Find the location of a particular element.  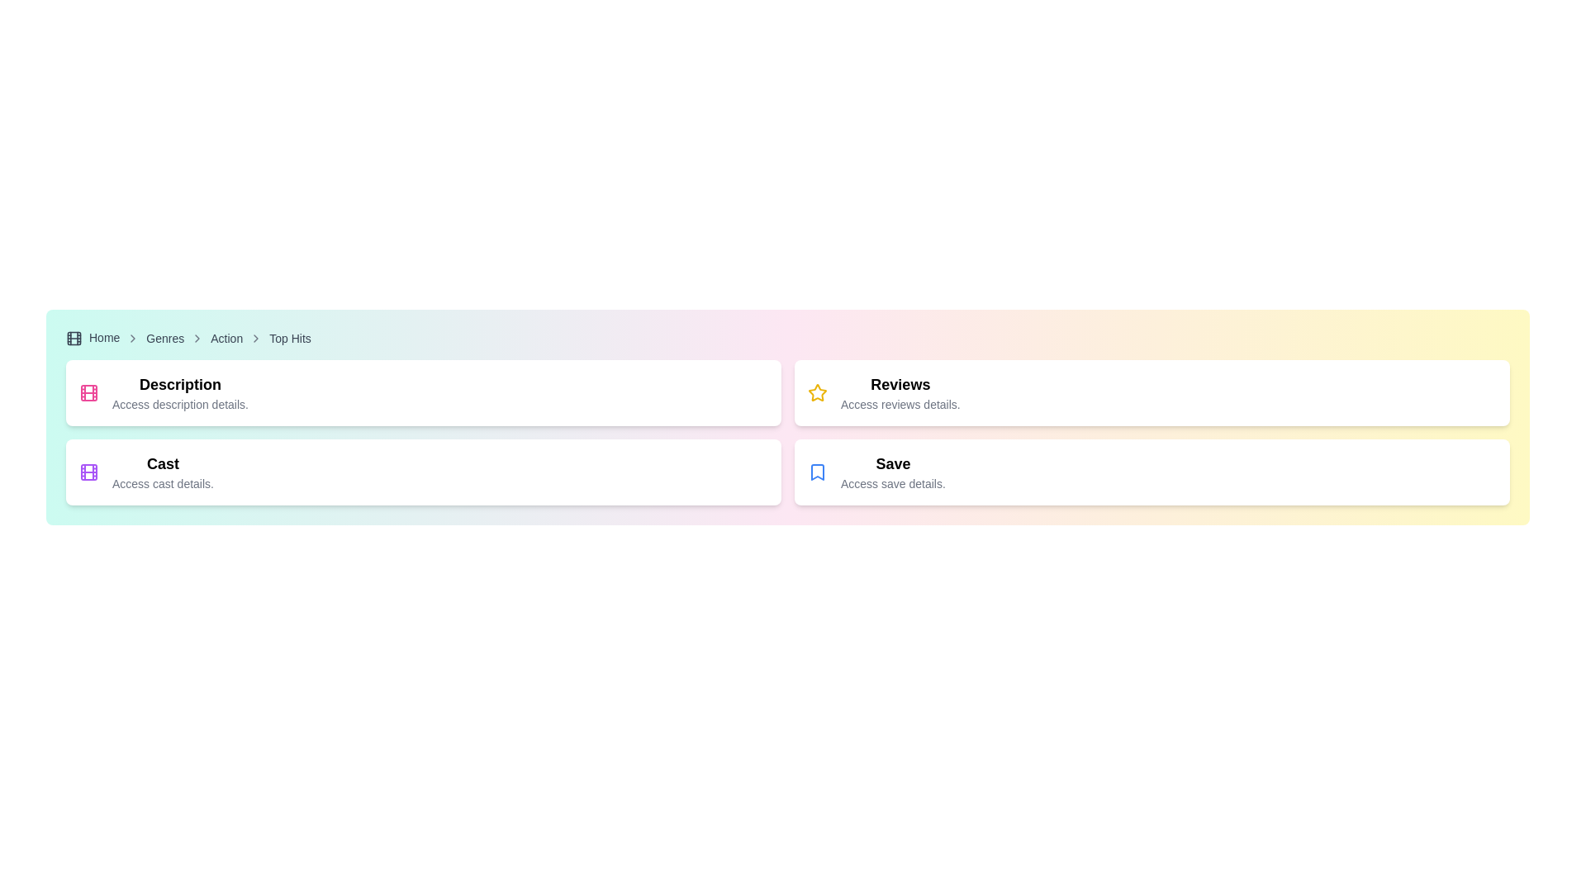

the 'Save' text label, which is a bold, larger font heading located in the bottom-right card of a grid, adjacent to the bookmark icon and above the smaller text 'Access save details.' is located at coordinates (892, 464).